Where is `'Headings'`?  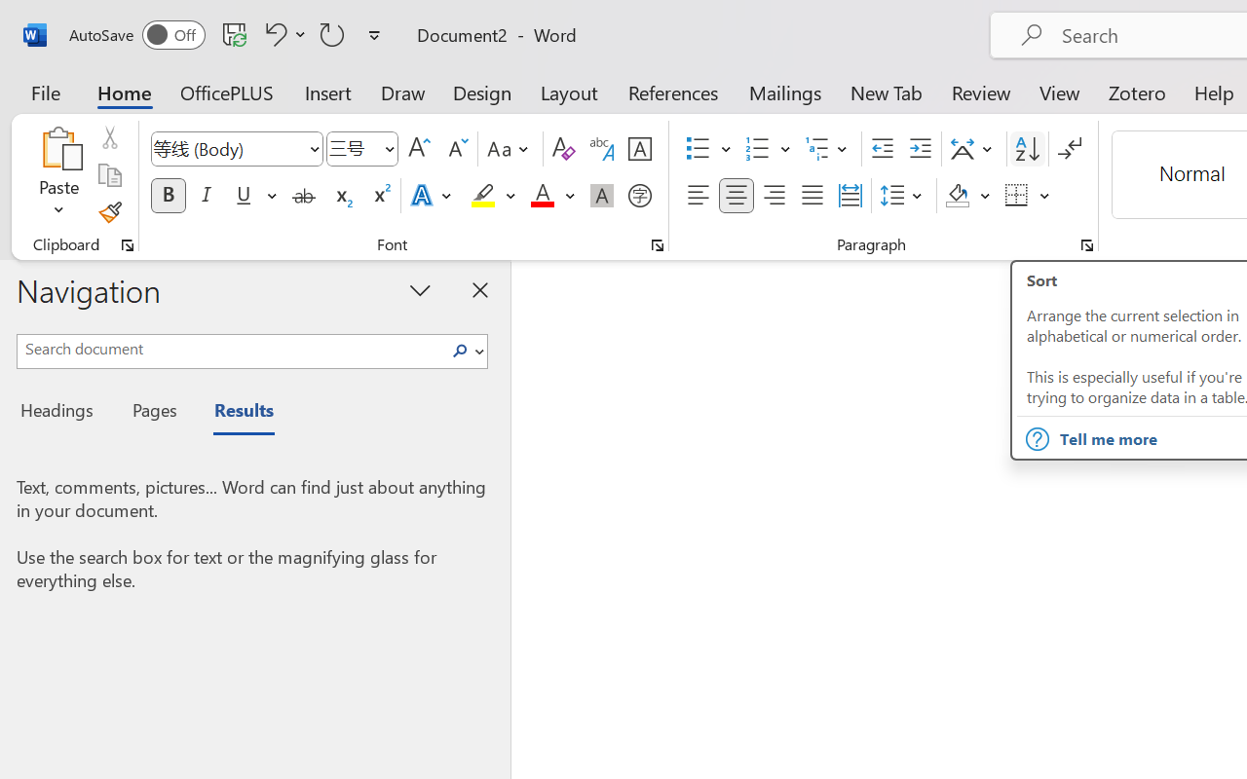
'Headings' is located at coordinates (63, 413).